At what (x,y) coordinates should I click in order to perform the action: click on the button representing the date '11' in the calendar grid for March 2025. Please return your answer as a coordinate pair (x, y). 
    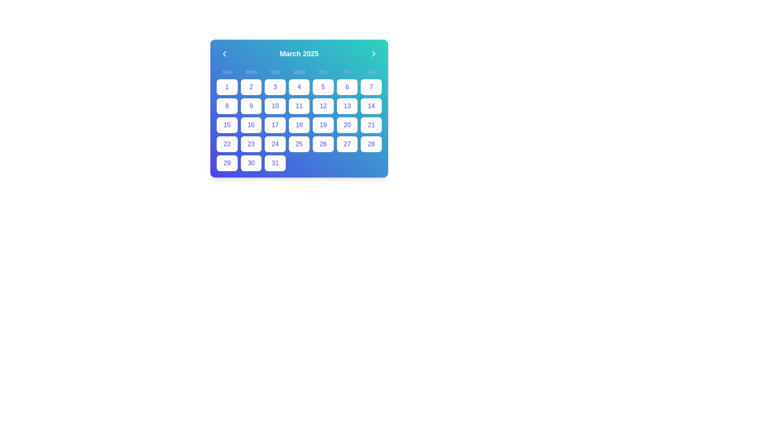
    Looking at the image, I should click on (298, 105).